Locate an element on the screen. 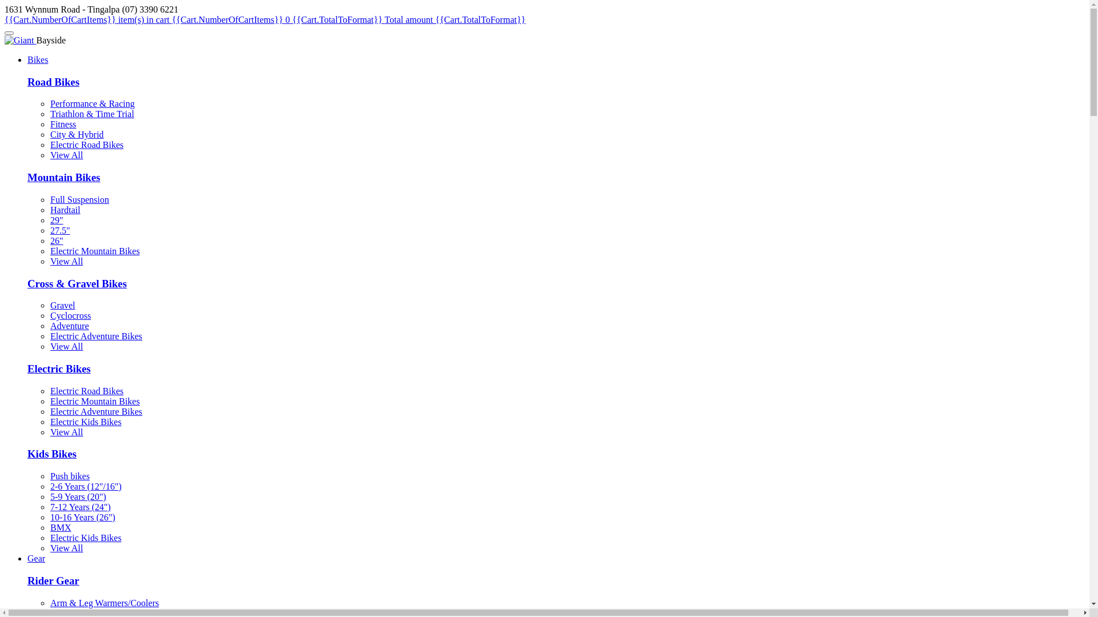  'Electric Bikes' is located at coordinates (58, 368).